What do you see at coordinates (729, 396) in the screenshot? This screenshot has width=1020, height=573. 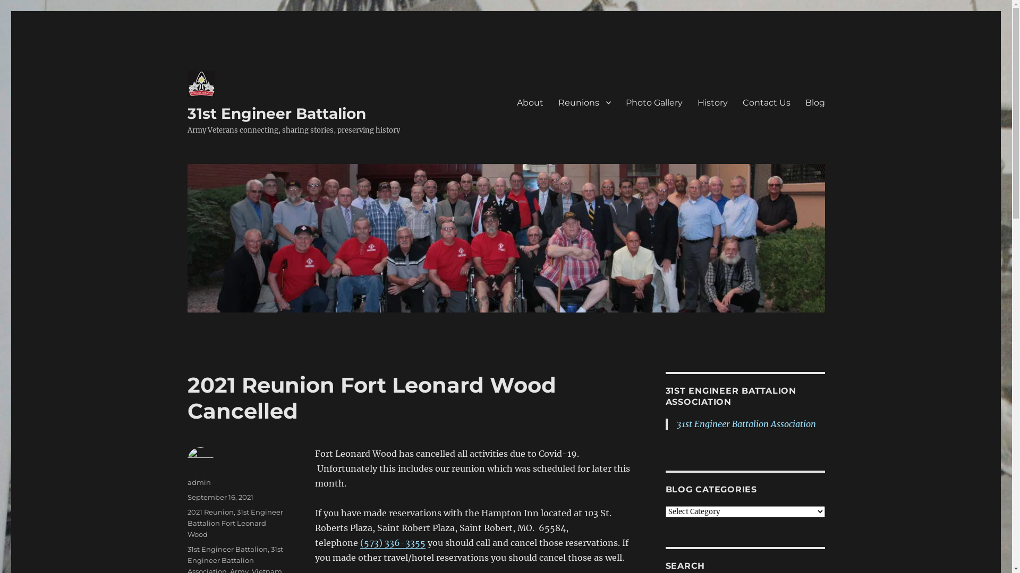 I see `'31ST ENGINEER BATTALION ASSOCIATION'` at bounding box center [729, 396].